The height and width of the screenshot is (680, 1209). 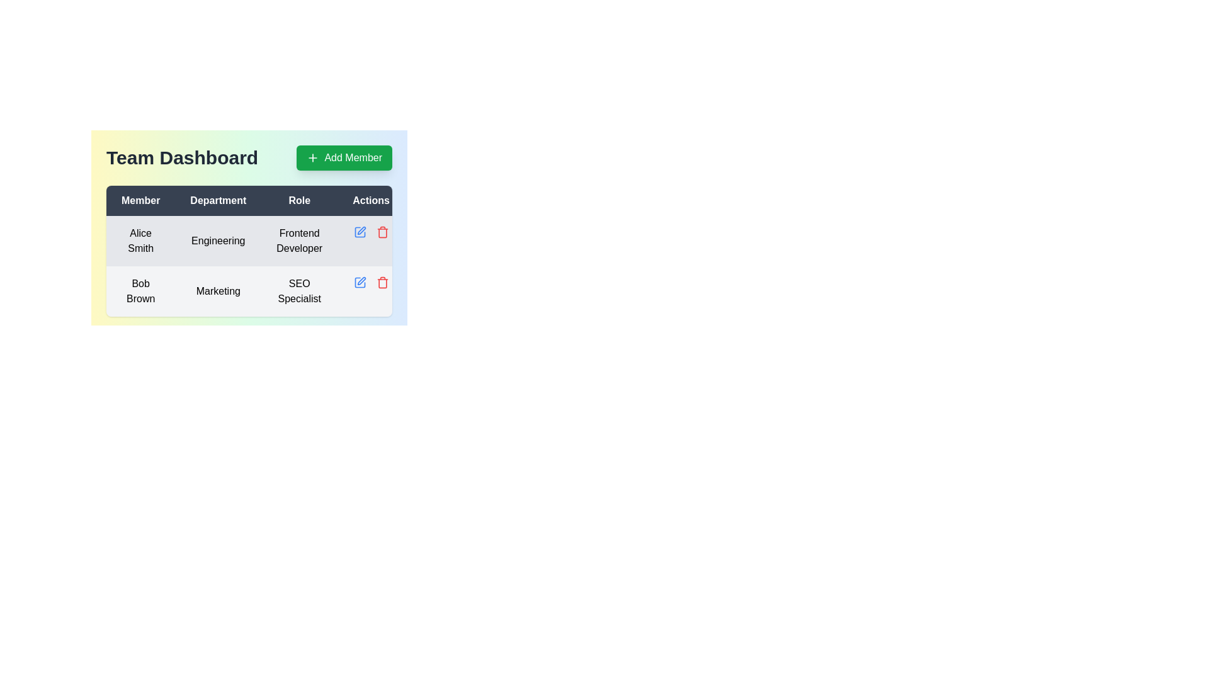 What do you see at coordinates (181, 157) in the screenshot?
I see `the 'Team Dashboard' text label, which is styled with a large, bold font in dark gray and is located near the top left of its section` at bounding box center [181, 157].